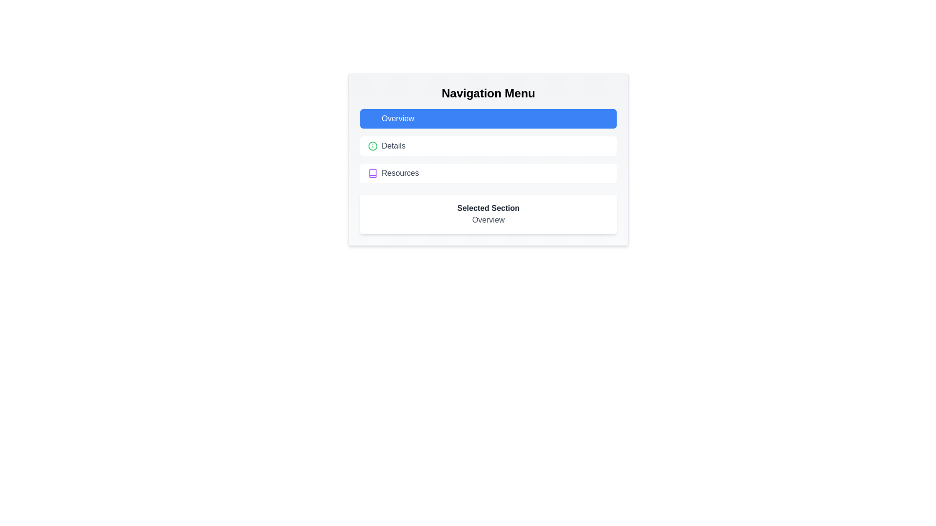 This screenshot has width=936, height=526. I want to click on the purple book icon located to the left of the 'Resources' label in the navigation menu, which is the second icon from the top, so click(372, 172).